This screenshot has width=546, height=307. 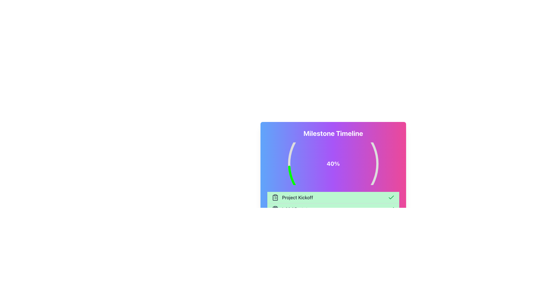 What do you see at coordinates (333, 133) in the screenshot?
I see `text from the text-based heading located at the top of the milestone section, which provides context to the timeline and progress representation` at bounding box center [333, 133].